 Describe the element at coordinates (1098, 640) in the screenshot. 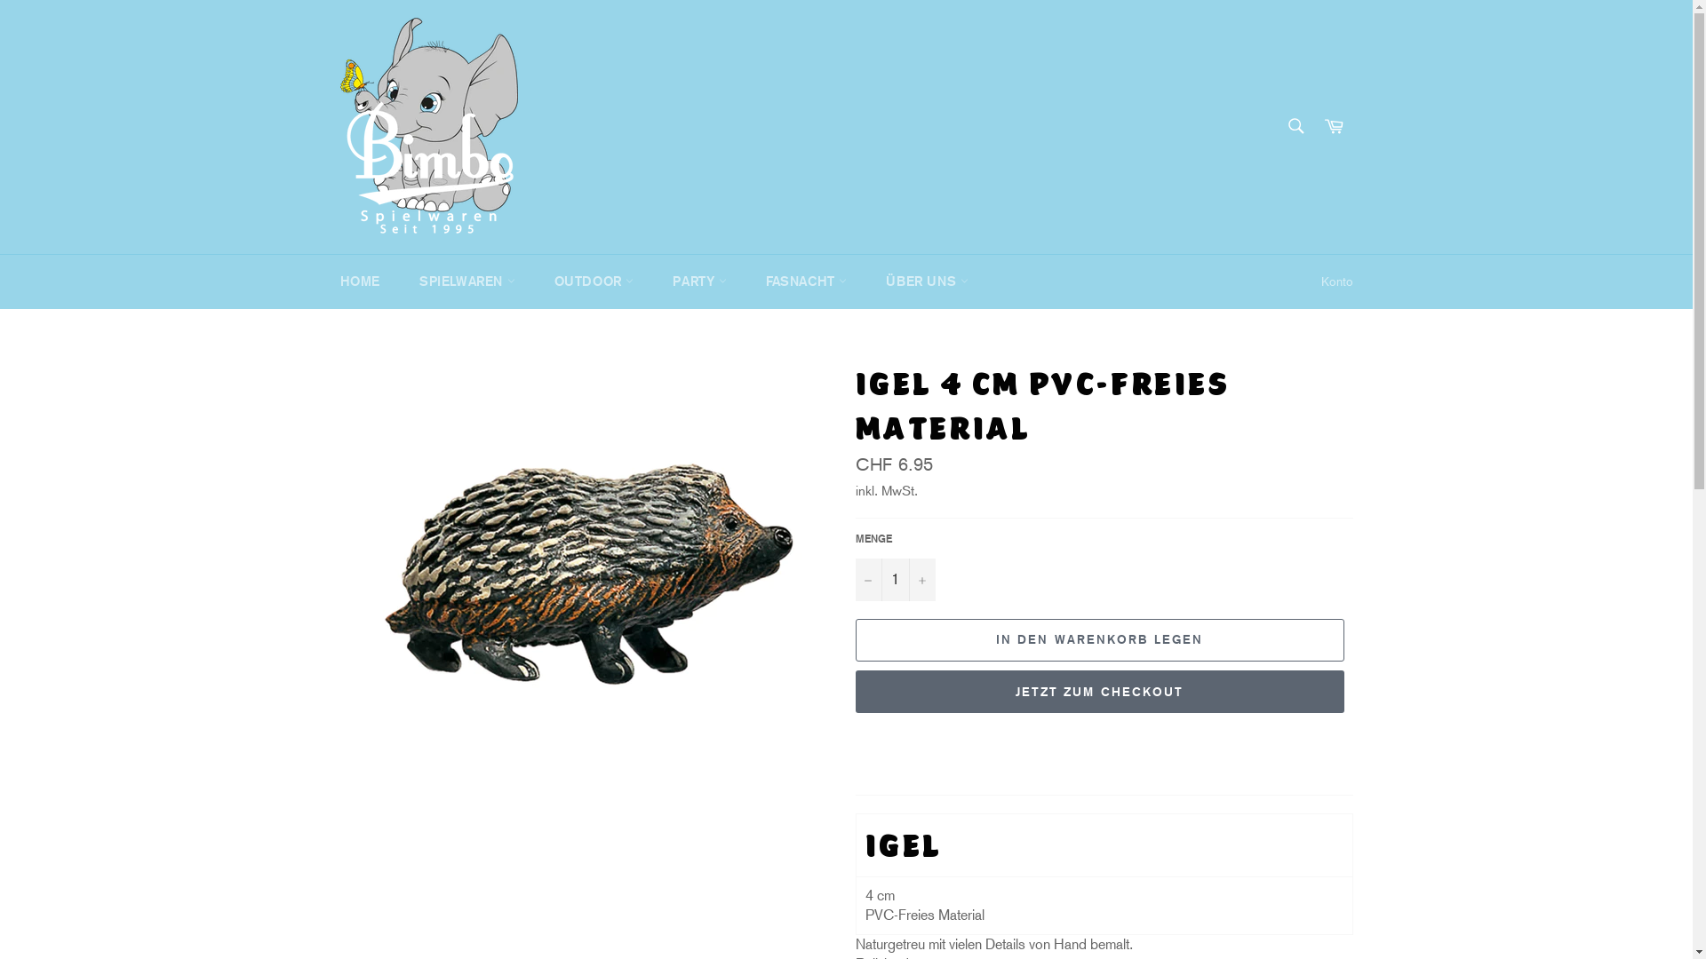

I see `'IN DEN WARENKORB LEGEN'` at that location.